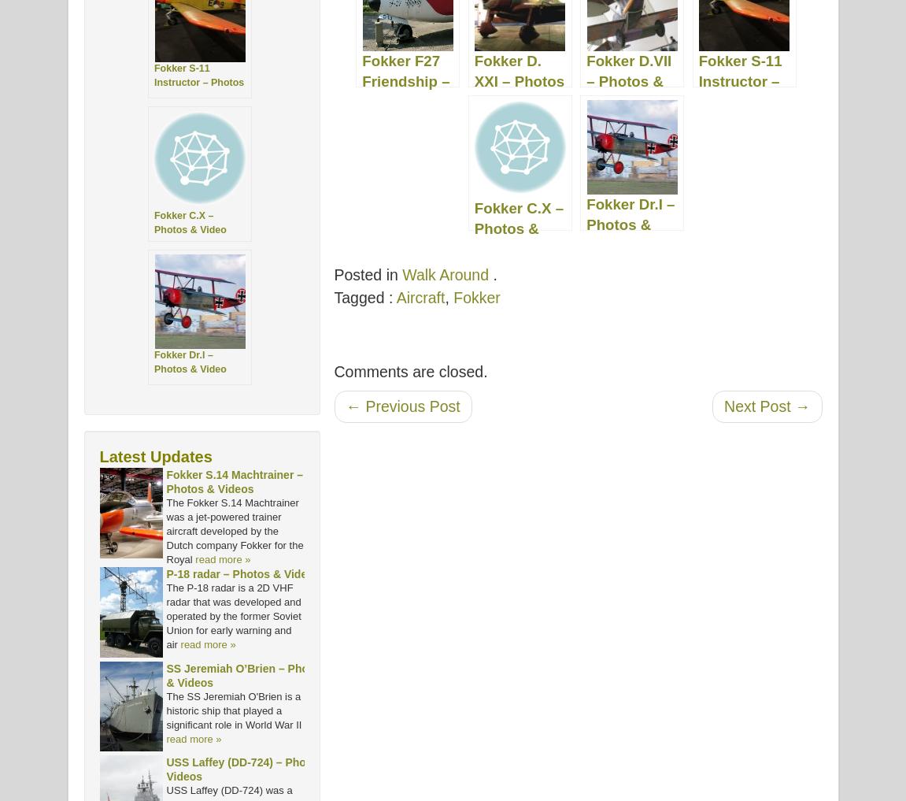  Describe the element at coordinates (405, 91) in the screenshot. I see `'Fokker F27 Friendship – Photos & Videos'` at that location.